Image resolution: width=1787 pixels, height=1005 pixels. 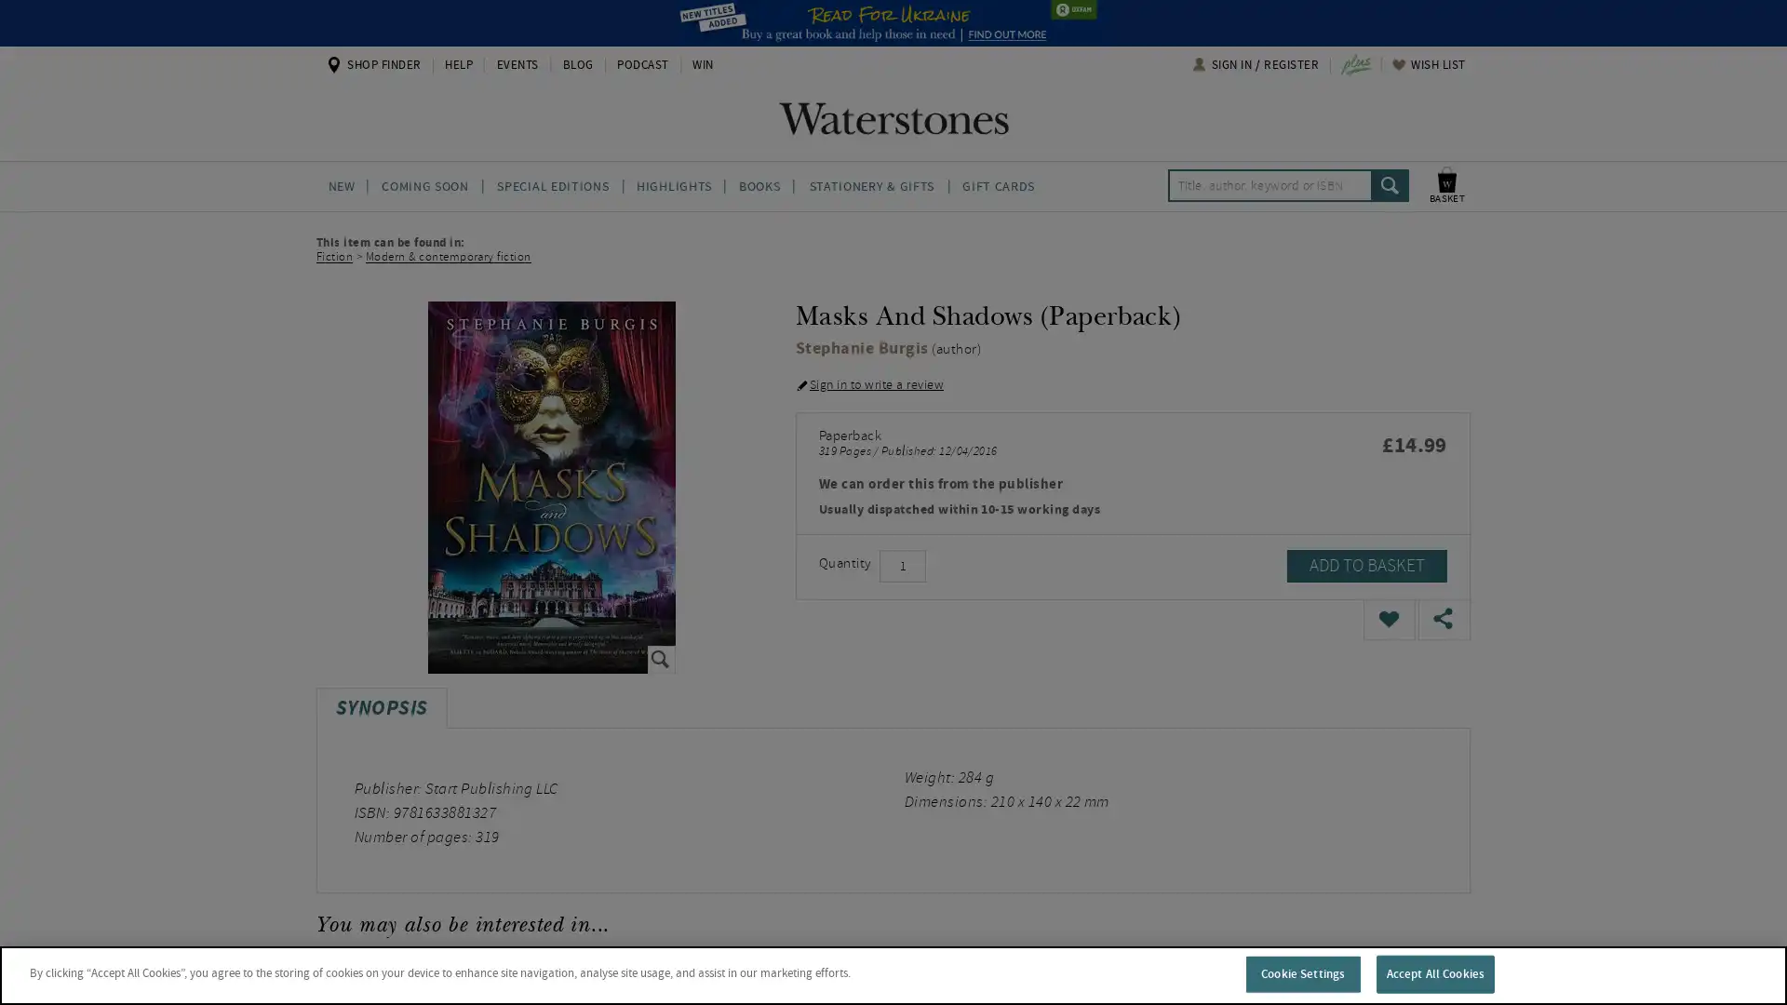 I want to click on Accept All Cookies, so click(x=1433, y=972).